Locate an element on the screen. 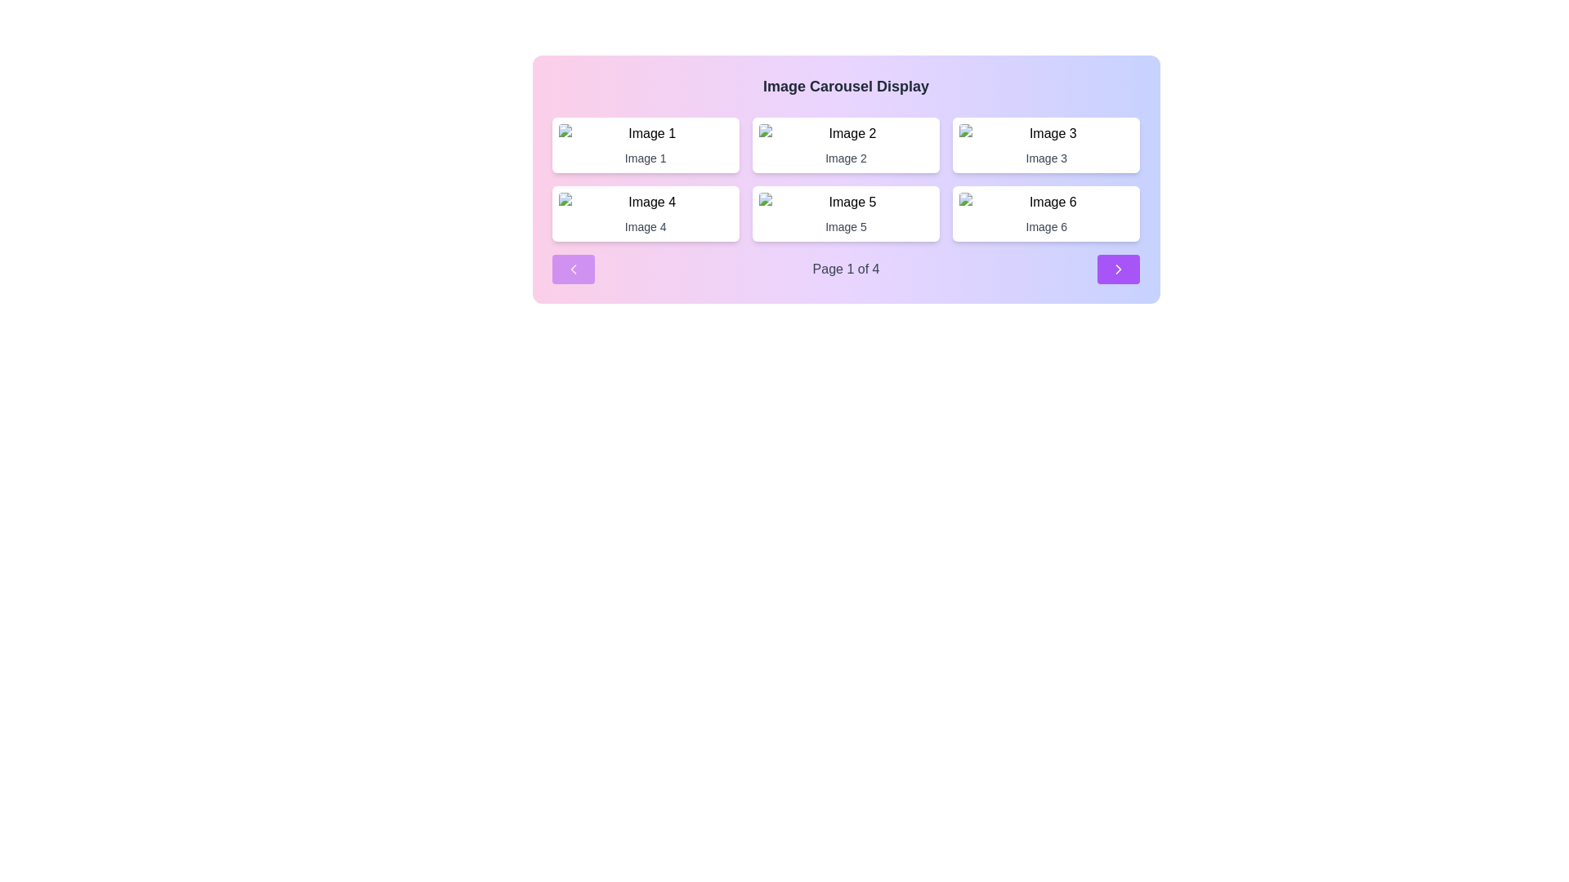 The height and width of the screenshot is (882, 1569). the navigation button at the bottom-left corner of the carousel display is located at coordinates (573, 269).